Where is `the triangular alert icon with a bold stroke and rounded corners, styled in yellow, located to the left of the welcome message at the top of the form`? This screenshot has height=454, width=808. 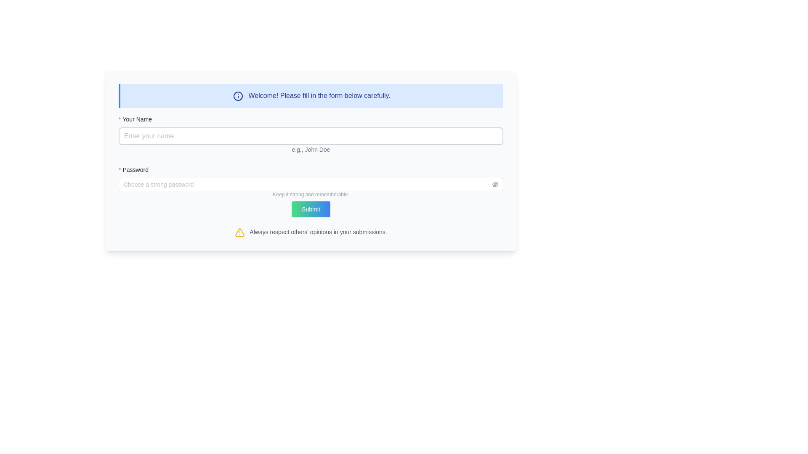
the triangular alert icon with a bold stroke and rounded corners, styled in yellow, located to the left of the welcome message at the top of the form is located at coordinates (239, 232).